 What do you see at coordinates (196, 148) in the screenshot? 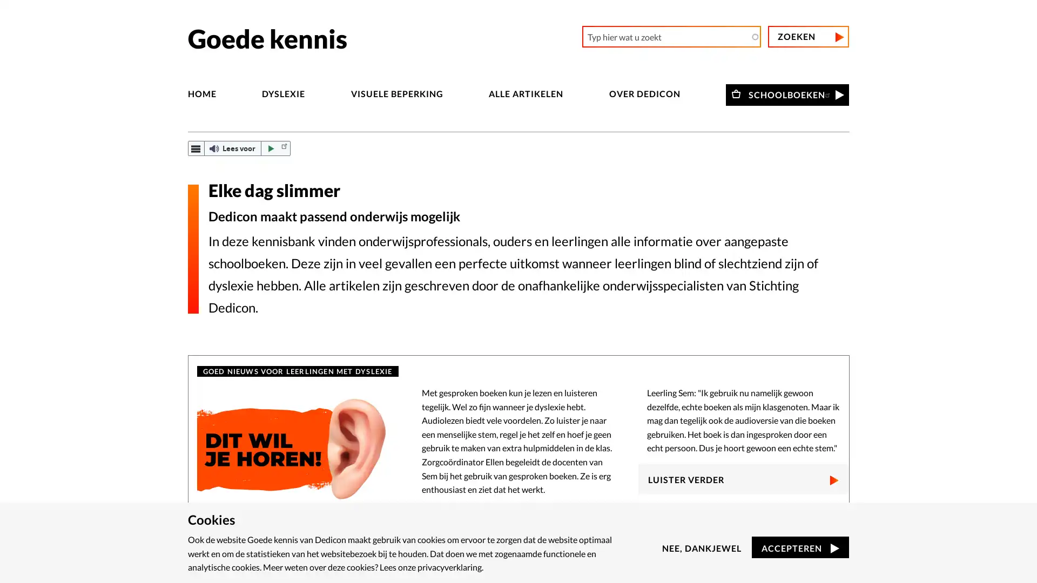
I see `webReader menu` at bounding box center [196, 148].